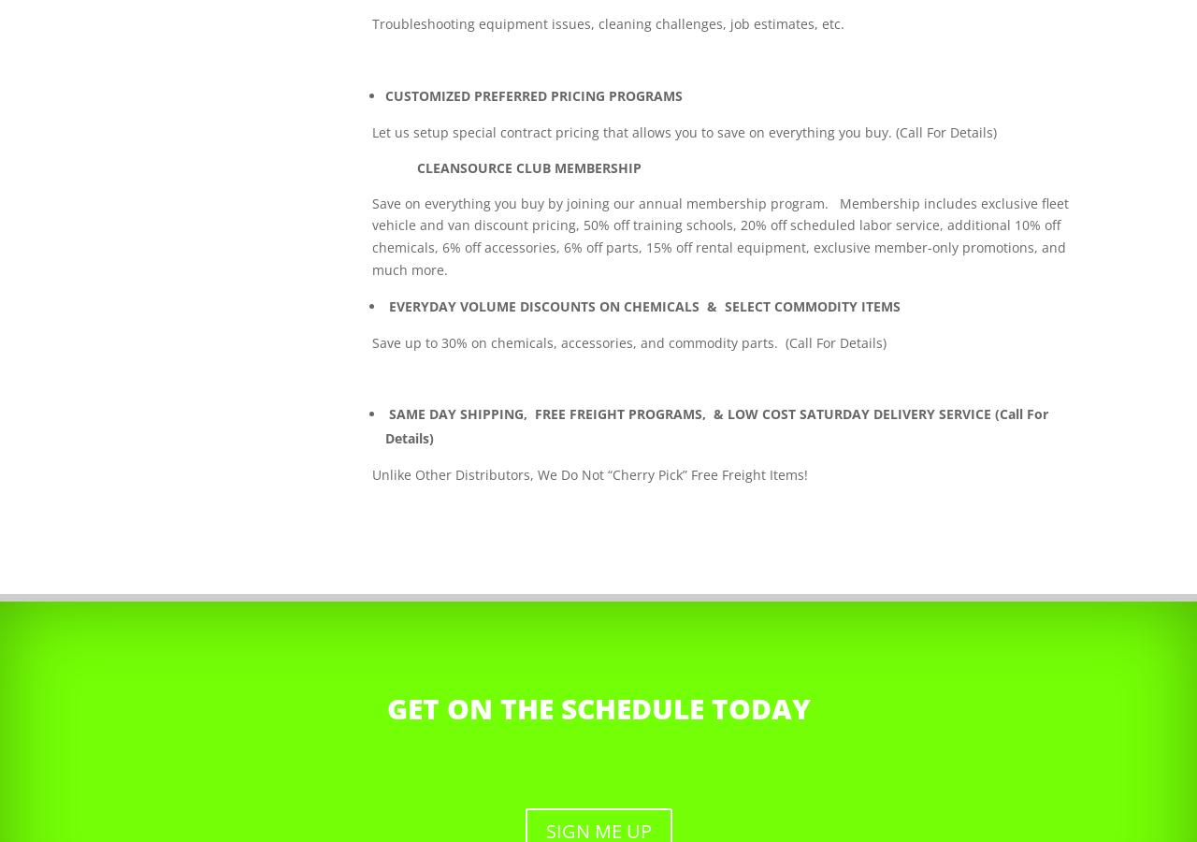 The height and width of the screenshot is (842, 1197). Describe the element at coordinates (644, 304) in the screenshot. I see `'EVERYDAY VOLUME DISCOUNTS ON CHEMICALS  &  SELECT COMMODITY ITEMS'` at that location.